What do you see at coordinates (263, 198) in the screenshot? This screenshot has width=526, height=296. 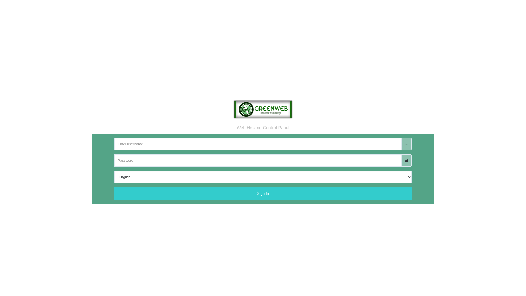 I see `'Sign In'` at bounding box center [263, 198].